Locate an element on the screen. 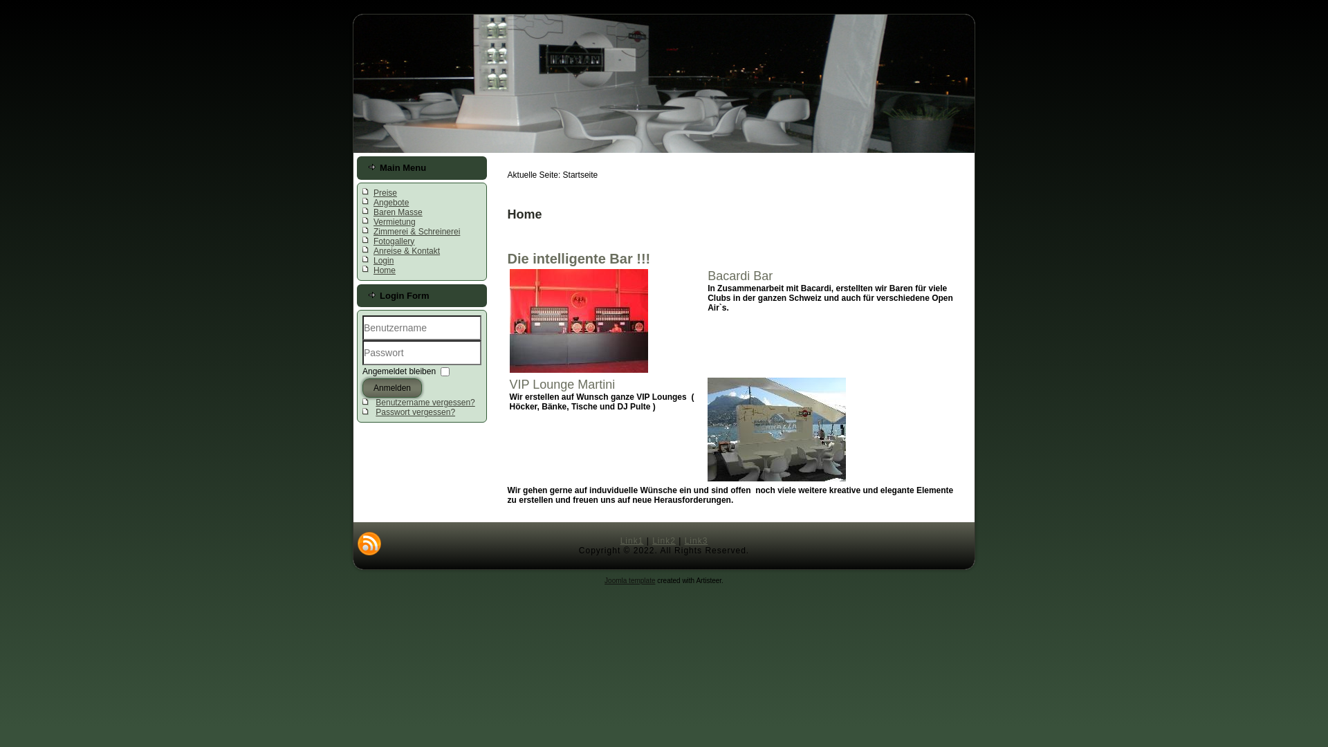  'Fotogallery' is located at coordinates (393, 240).